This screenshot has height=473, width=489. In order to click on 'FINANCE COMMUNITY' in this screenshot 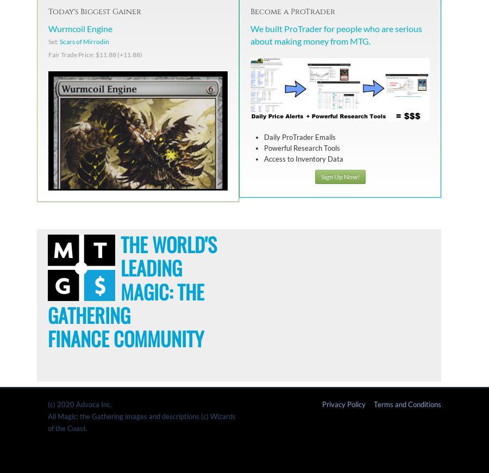, I will do `click(125, 338)`.